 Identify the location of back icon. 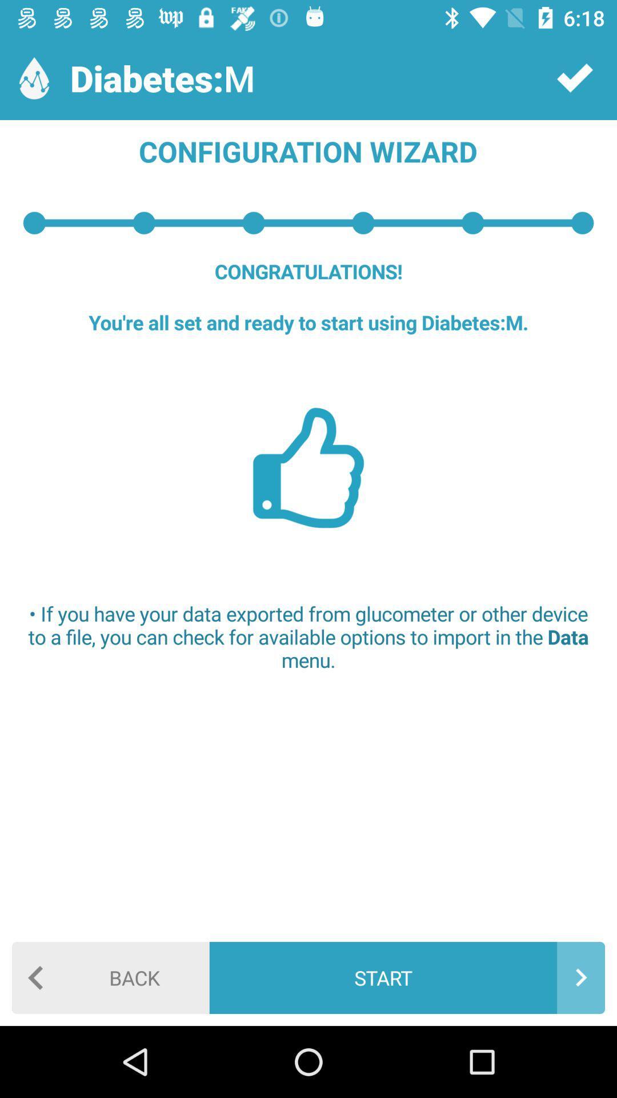
(110, 977).